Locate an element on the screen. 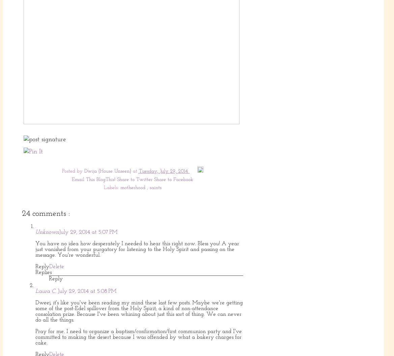 The height and width of the screenshot is (356, 394). ',' is located at coordinates (148, 188).